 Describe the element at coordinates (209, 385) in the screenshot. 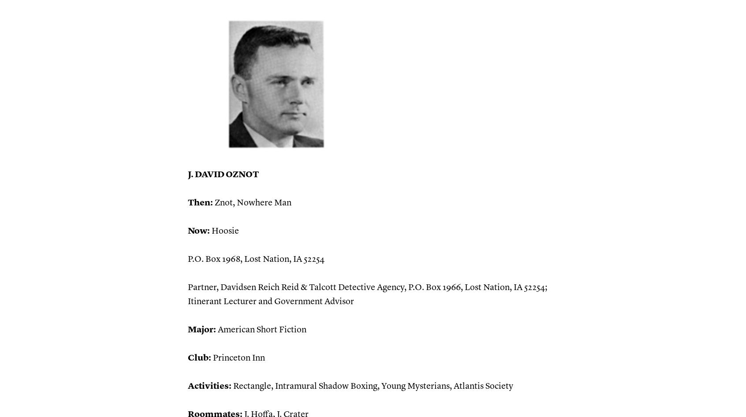

I see `'Activities:'` at that location.